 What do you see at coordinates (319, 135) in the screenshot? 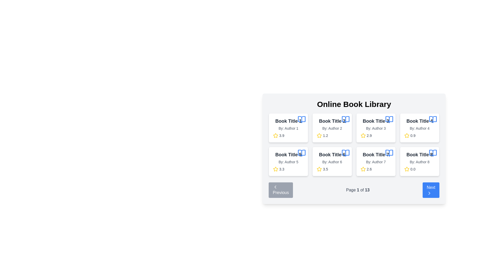
I see `the rating icon located in the second column of the book grid under 'Book Title 2' by 'Author 2', which represents the average rating of the book` at bounding box center [319, 135].